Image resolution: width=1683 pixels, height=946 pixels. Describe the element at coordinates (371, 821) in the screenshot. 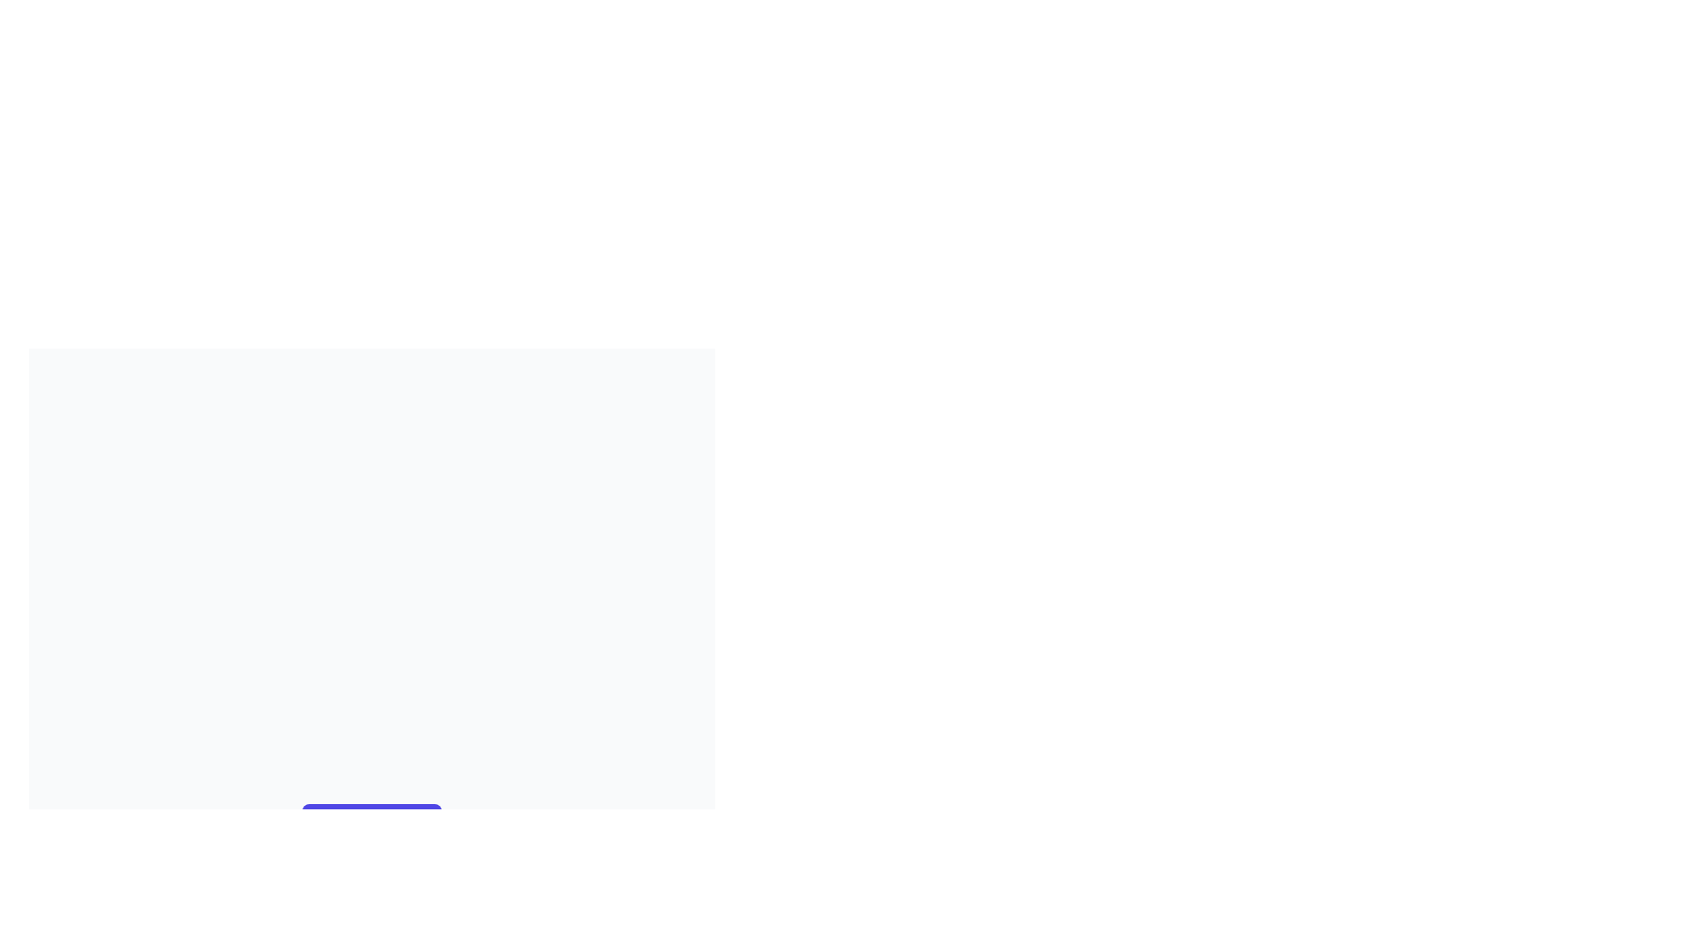

I see `the 'Explore Menu' button` at that location.